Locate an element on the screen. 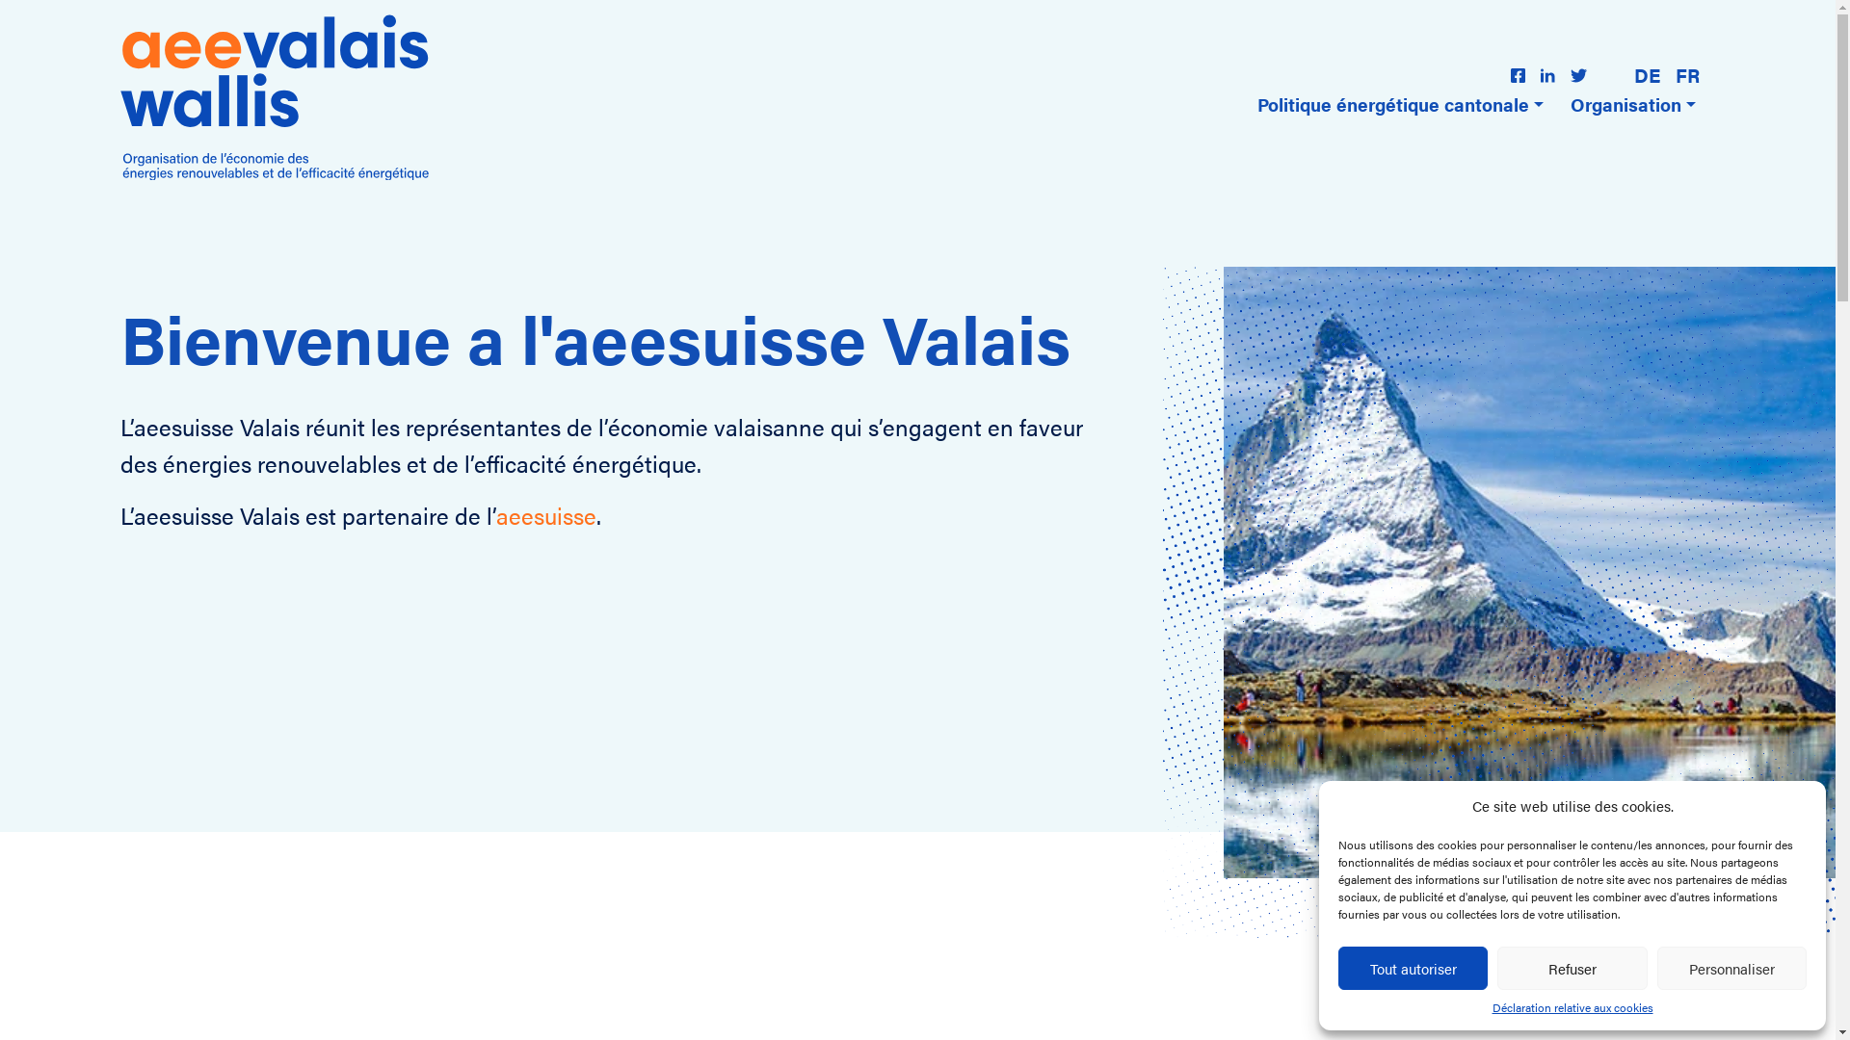 Image resolution: width=1850 pixels, height=1040 pixels. 'Organisation' is located at coordinates (1631, 104).